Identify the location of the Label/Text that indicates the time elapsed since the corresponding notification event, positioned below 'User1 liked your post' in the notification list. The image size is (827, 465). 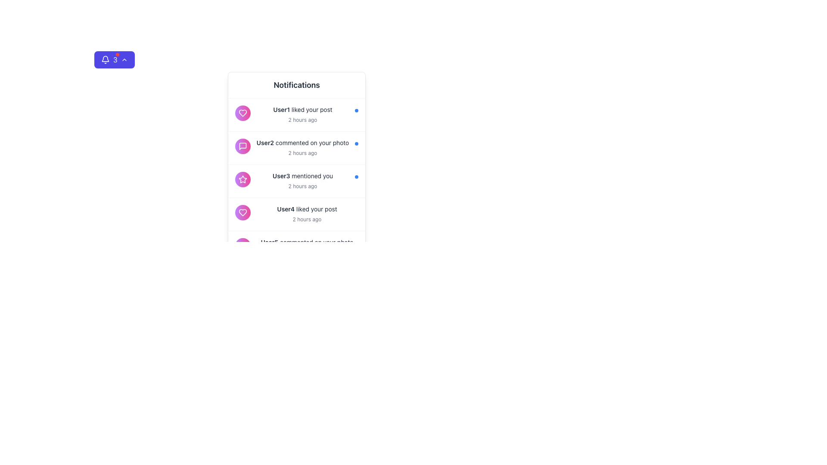
(302, 120).